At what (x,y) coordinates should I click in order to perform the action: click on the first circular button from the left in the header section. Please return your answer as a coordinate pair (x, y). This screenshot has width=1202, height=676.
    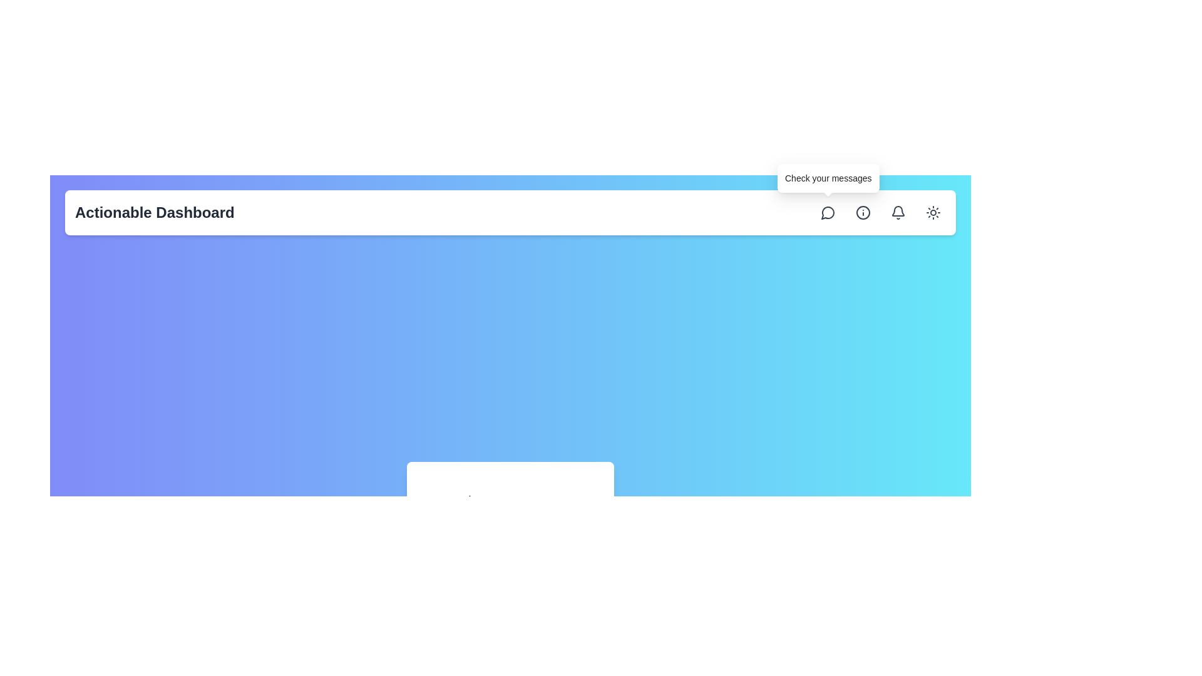
    Looking at the image, I should click on (828, 212).